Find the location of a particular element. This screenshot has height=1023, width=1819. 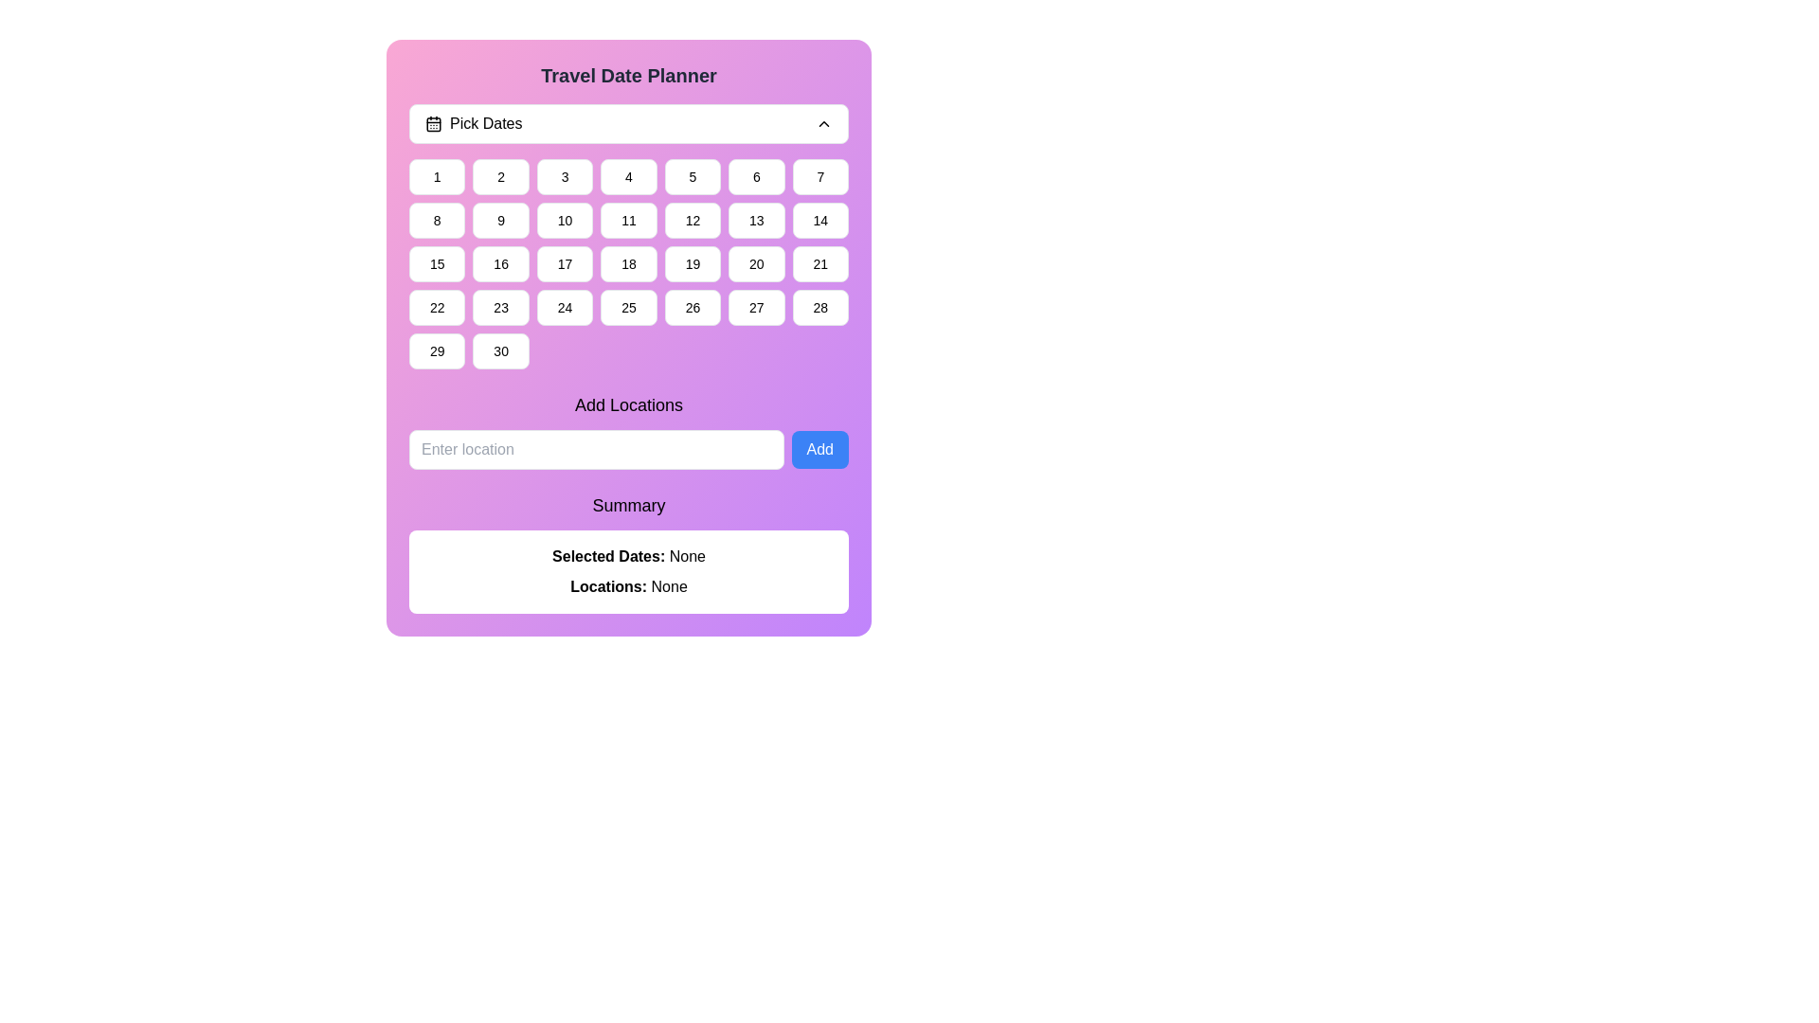

the square-shaped button labeled '7' with a white background and black text is located at coordinates (820, 176).